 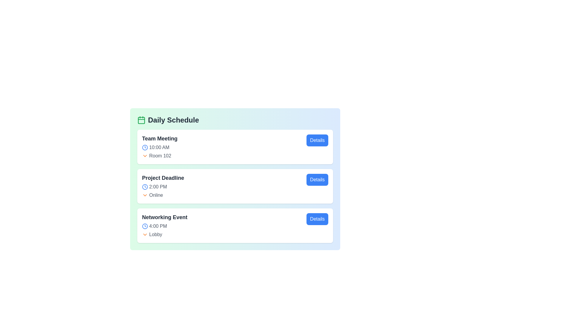 I want to click on the text label displaying '10:00 AM', which is in bold, sans-serif font and dark gray color, indicating the time for the 'Team Meeting' event, so click(x=159, y=147).